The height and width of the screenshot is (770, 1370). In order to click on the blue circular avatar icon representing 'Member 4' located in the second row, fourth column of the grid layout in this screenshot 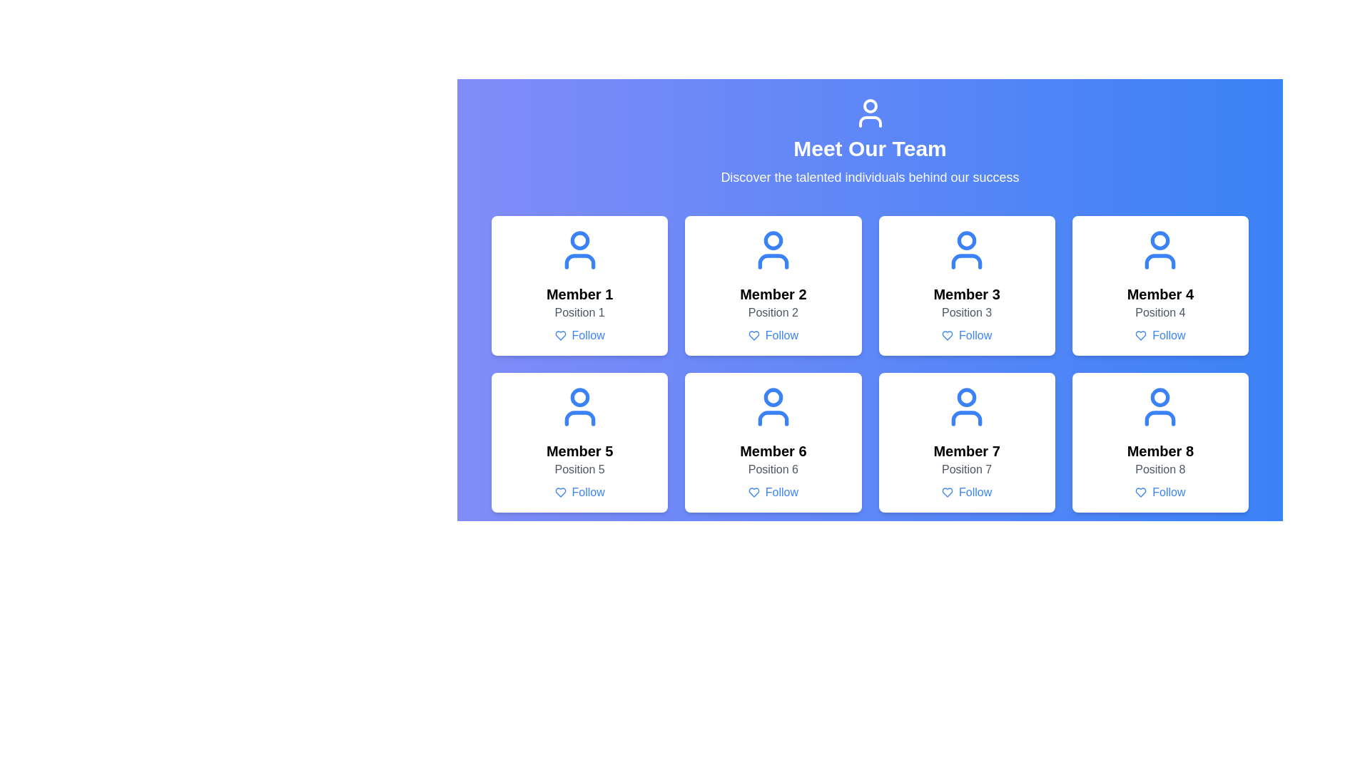, I will do `click(1160, 240)`.